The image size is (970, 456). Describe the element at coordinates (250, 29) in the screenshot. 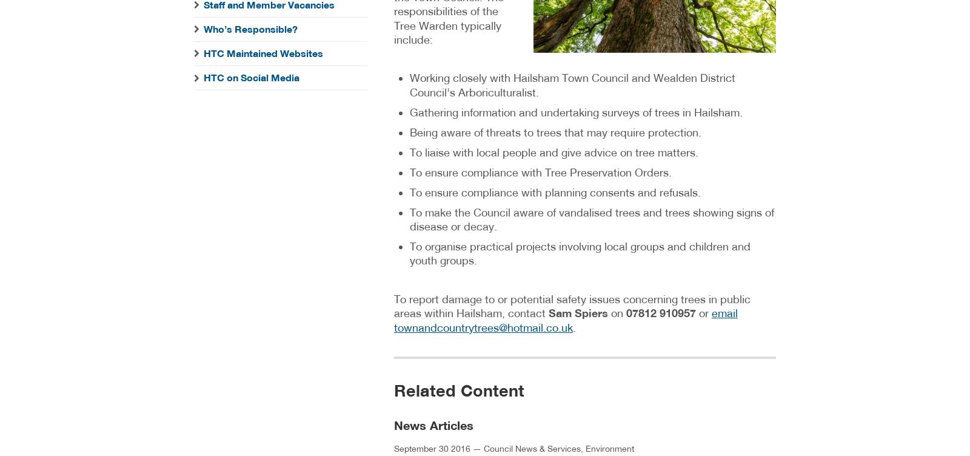

I see `'Who’s Responsible?'` at that location.